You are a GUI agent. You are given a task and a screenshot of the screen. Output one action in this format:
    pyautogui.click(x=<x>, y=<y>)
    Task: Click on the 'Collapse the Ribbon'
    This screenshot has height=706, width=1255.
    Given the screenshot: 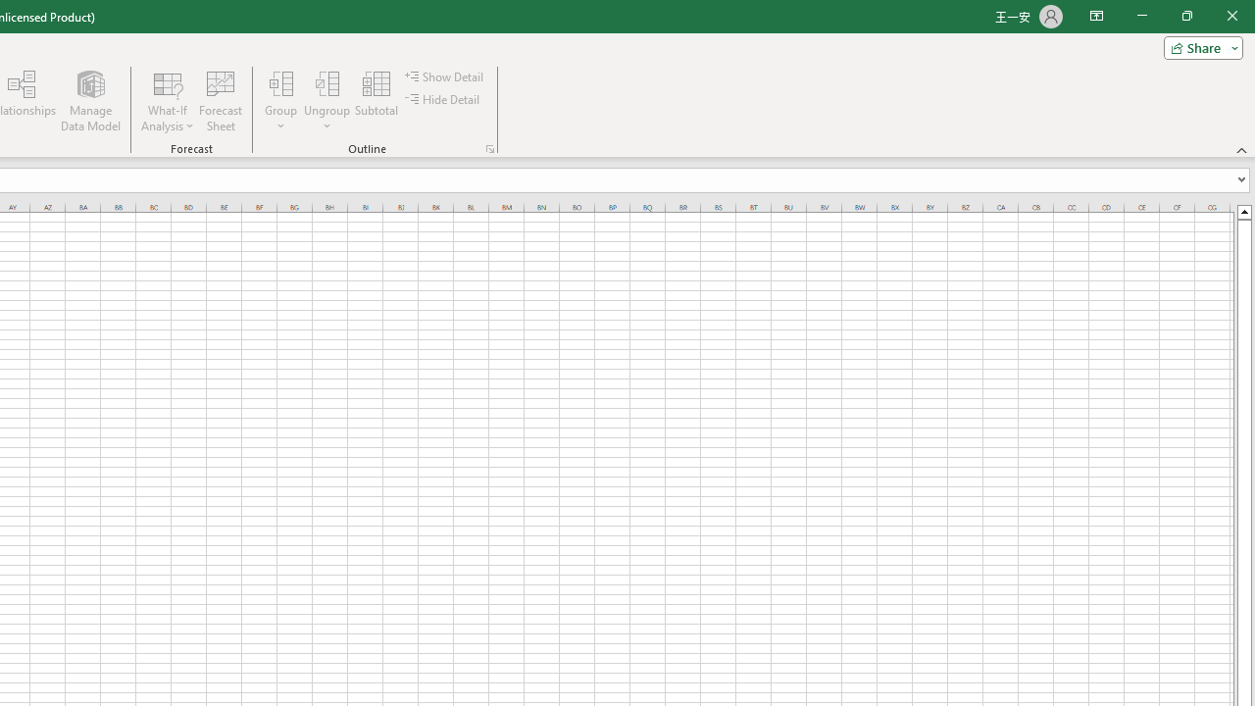 What is the action you would take?
    pyautogui.click(x=1241, y=149)
    